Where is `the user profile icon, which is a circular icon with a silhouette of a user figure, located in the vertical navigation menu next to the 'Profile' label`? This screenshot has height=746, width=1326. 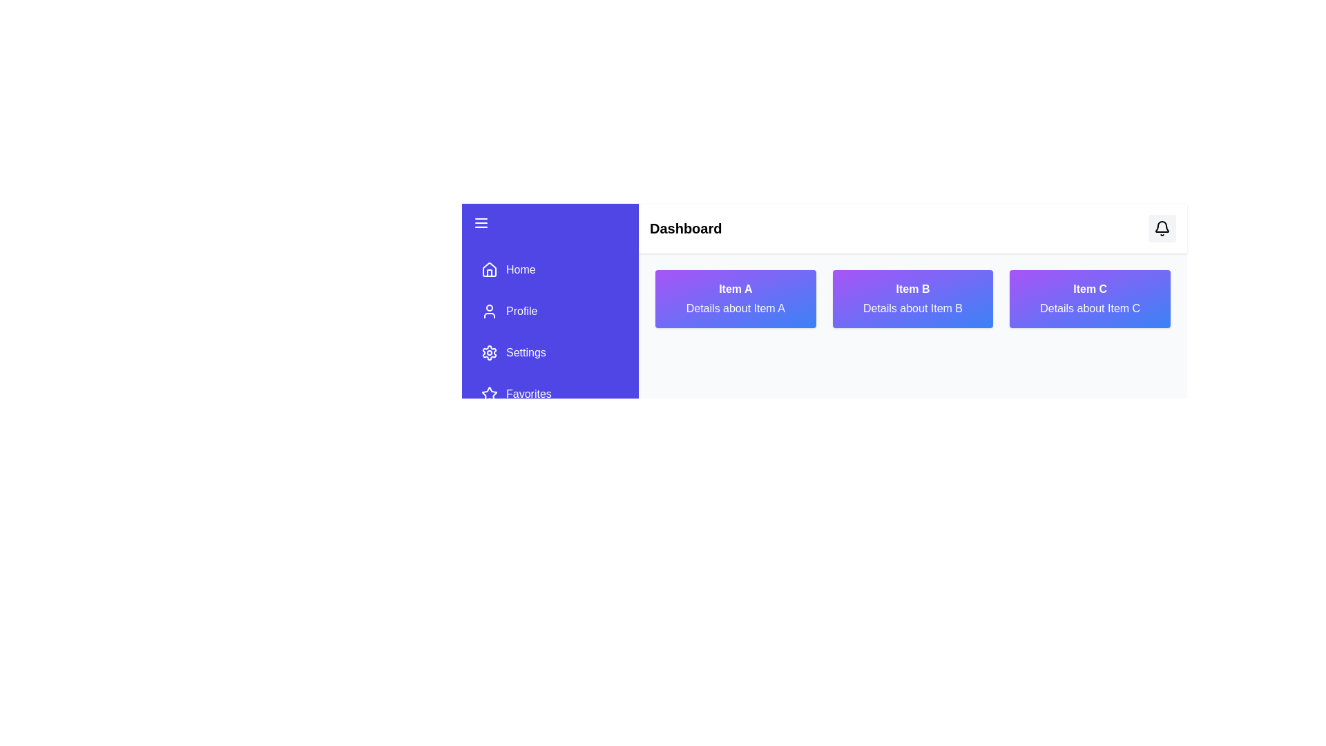 the user profile icon, which is a circular icon with a silhouette of a user figure, located in the vertical navigation menu next to the 'Profile' label is located at coordinates (490, 312).